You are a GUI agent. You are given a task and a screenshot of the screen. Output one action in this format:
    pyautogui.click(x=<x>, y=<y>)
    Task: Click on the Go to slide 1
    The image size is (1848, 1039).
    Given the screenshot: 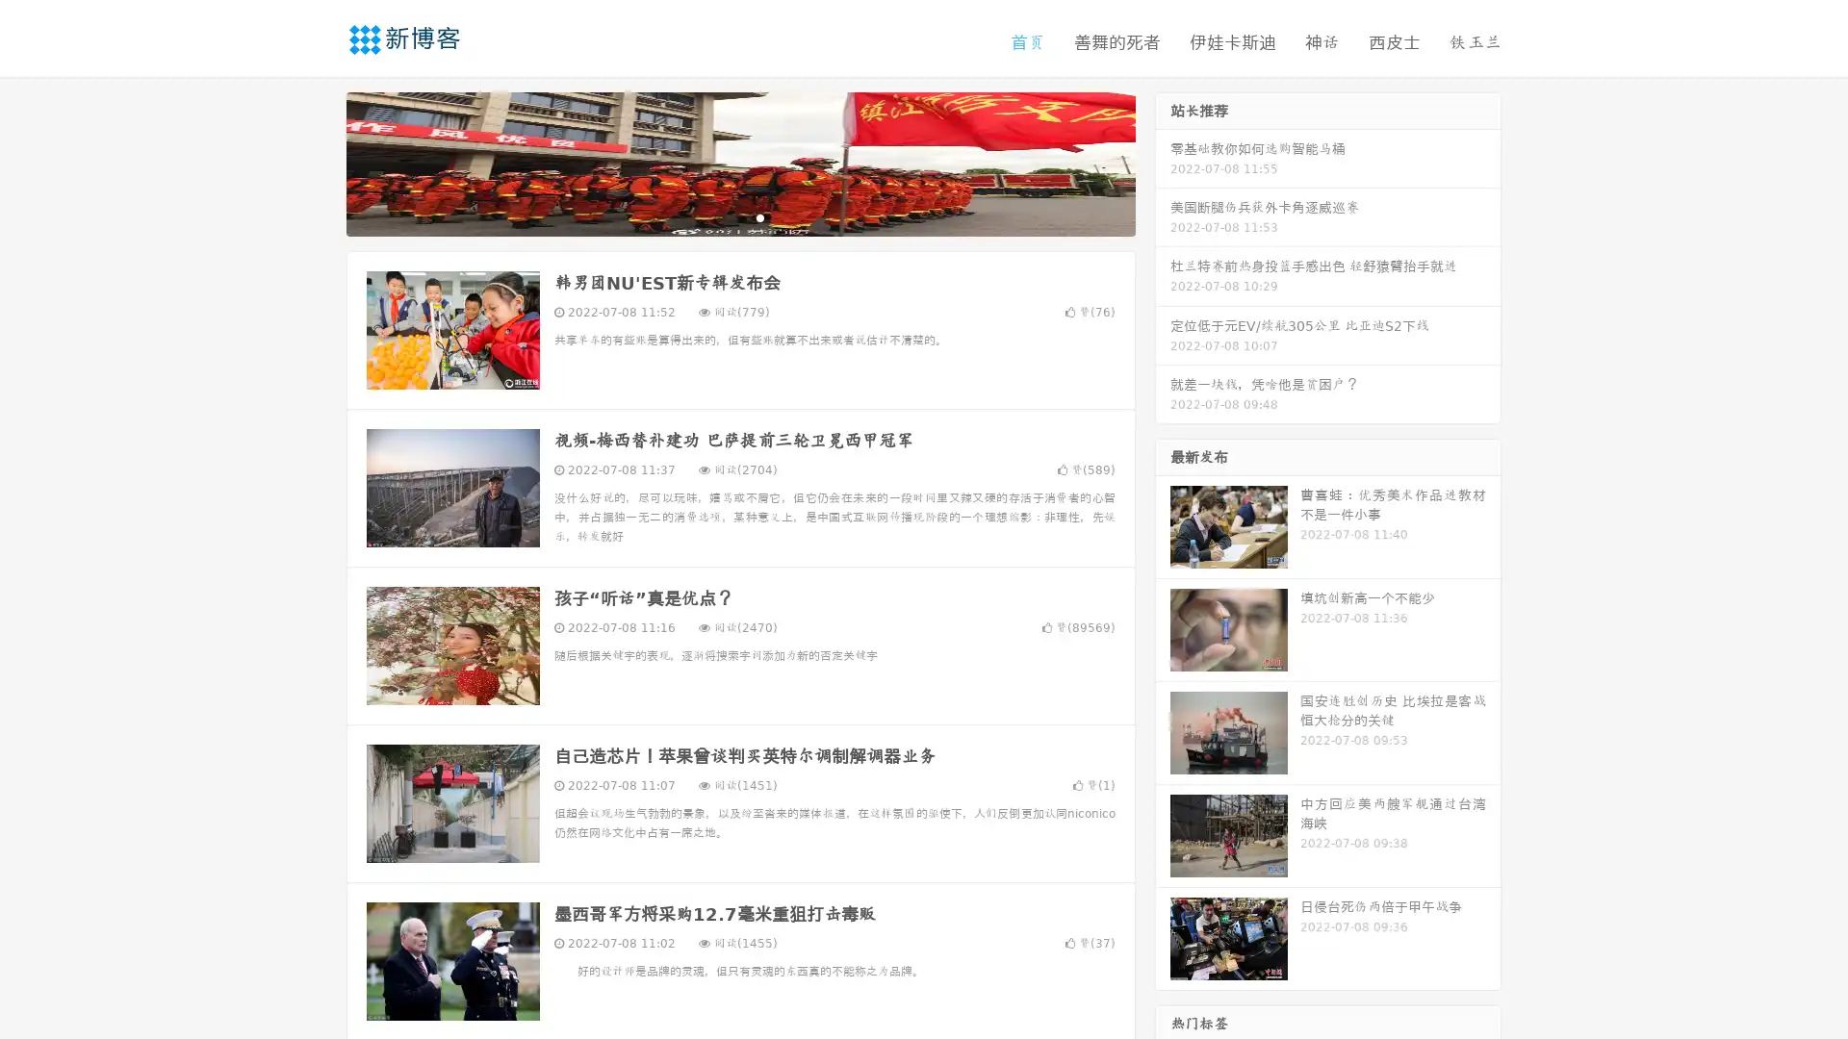 What is the action you would take?
    pyautogui.click(x=720, y=216)
    